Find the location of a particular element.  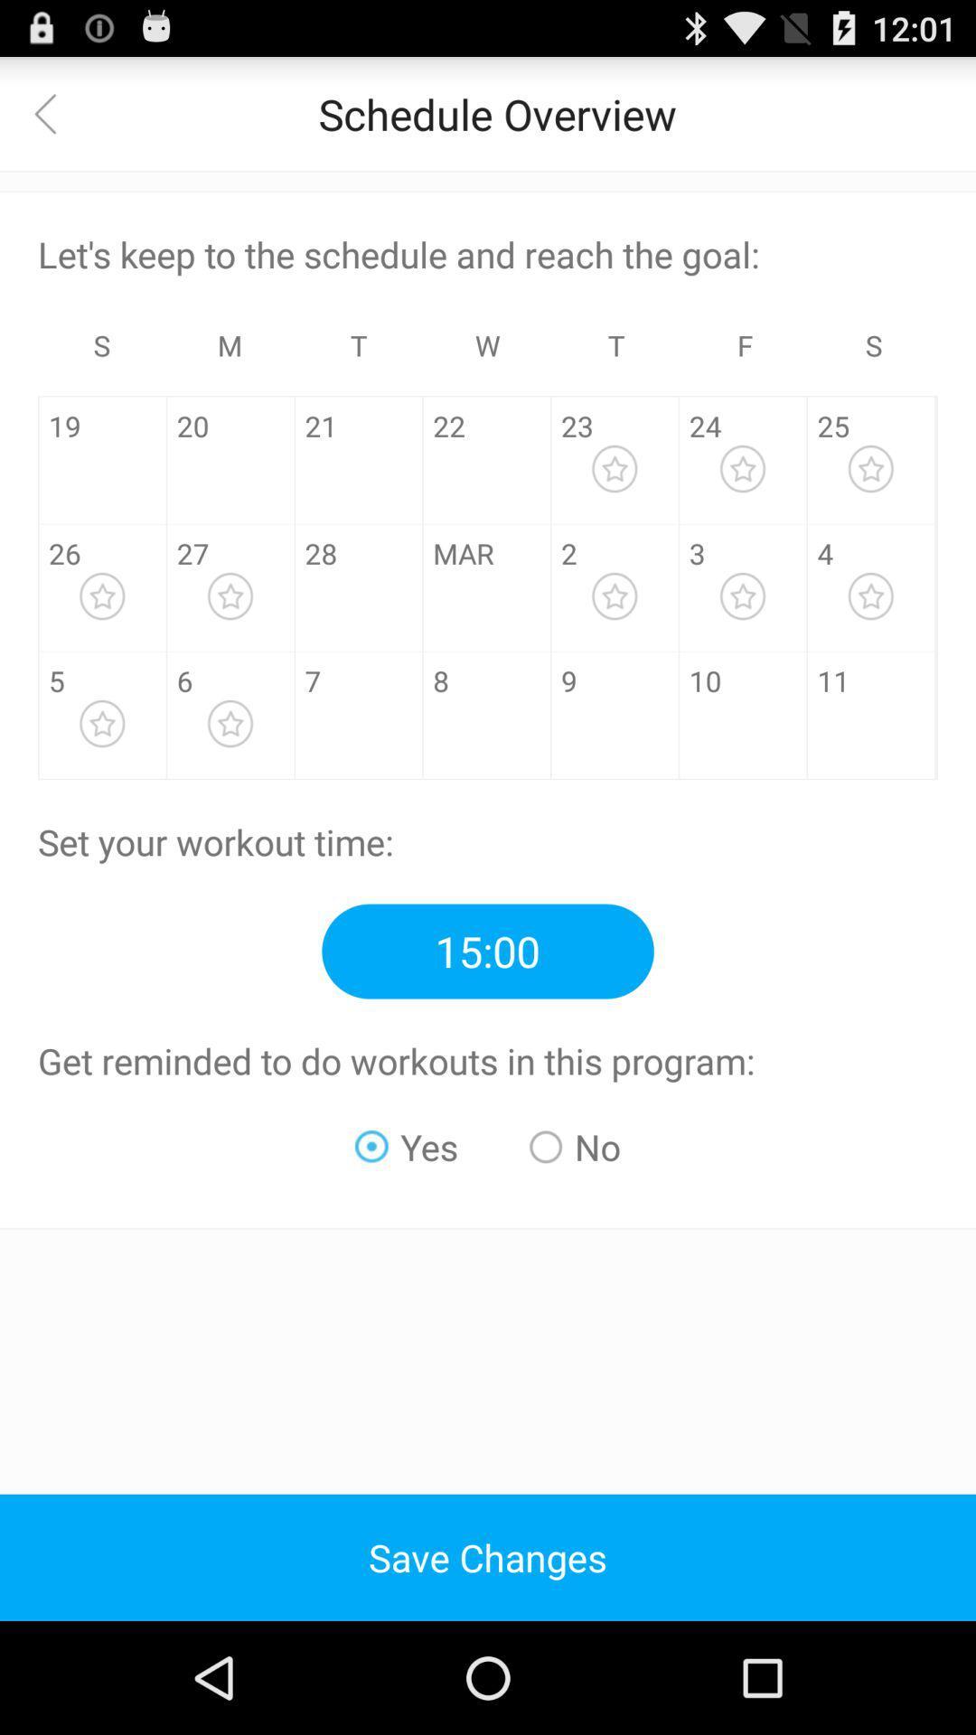

go back is located at coordinates (55, 112).